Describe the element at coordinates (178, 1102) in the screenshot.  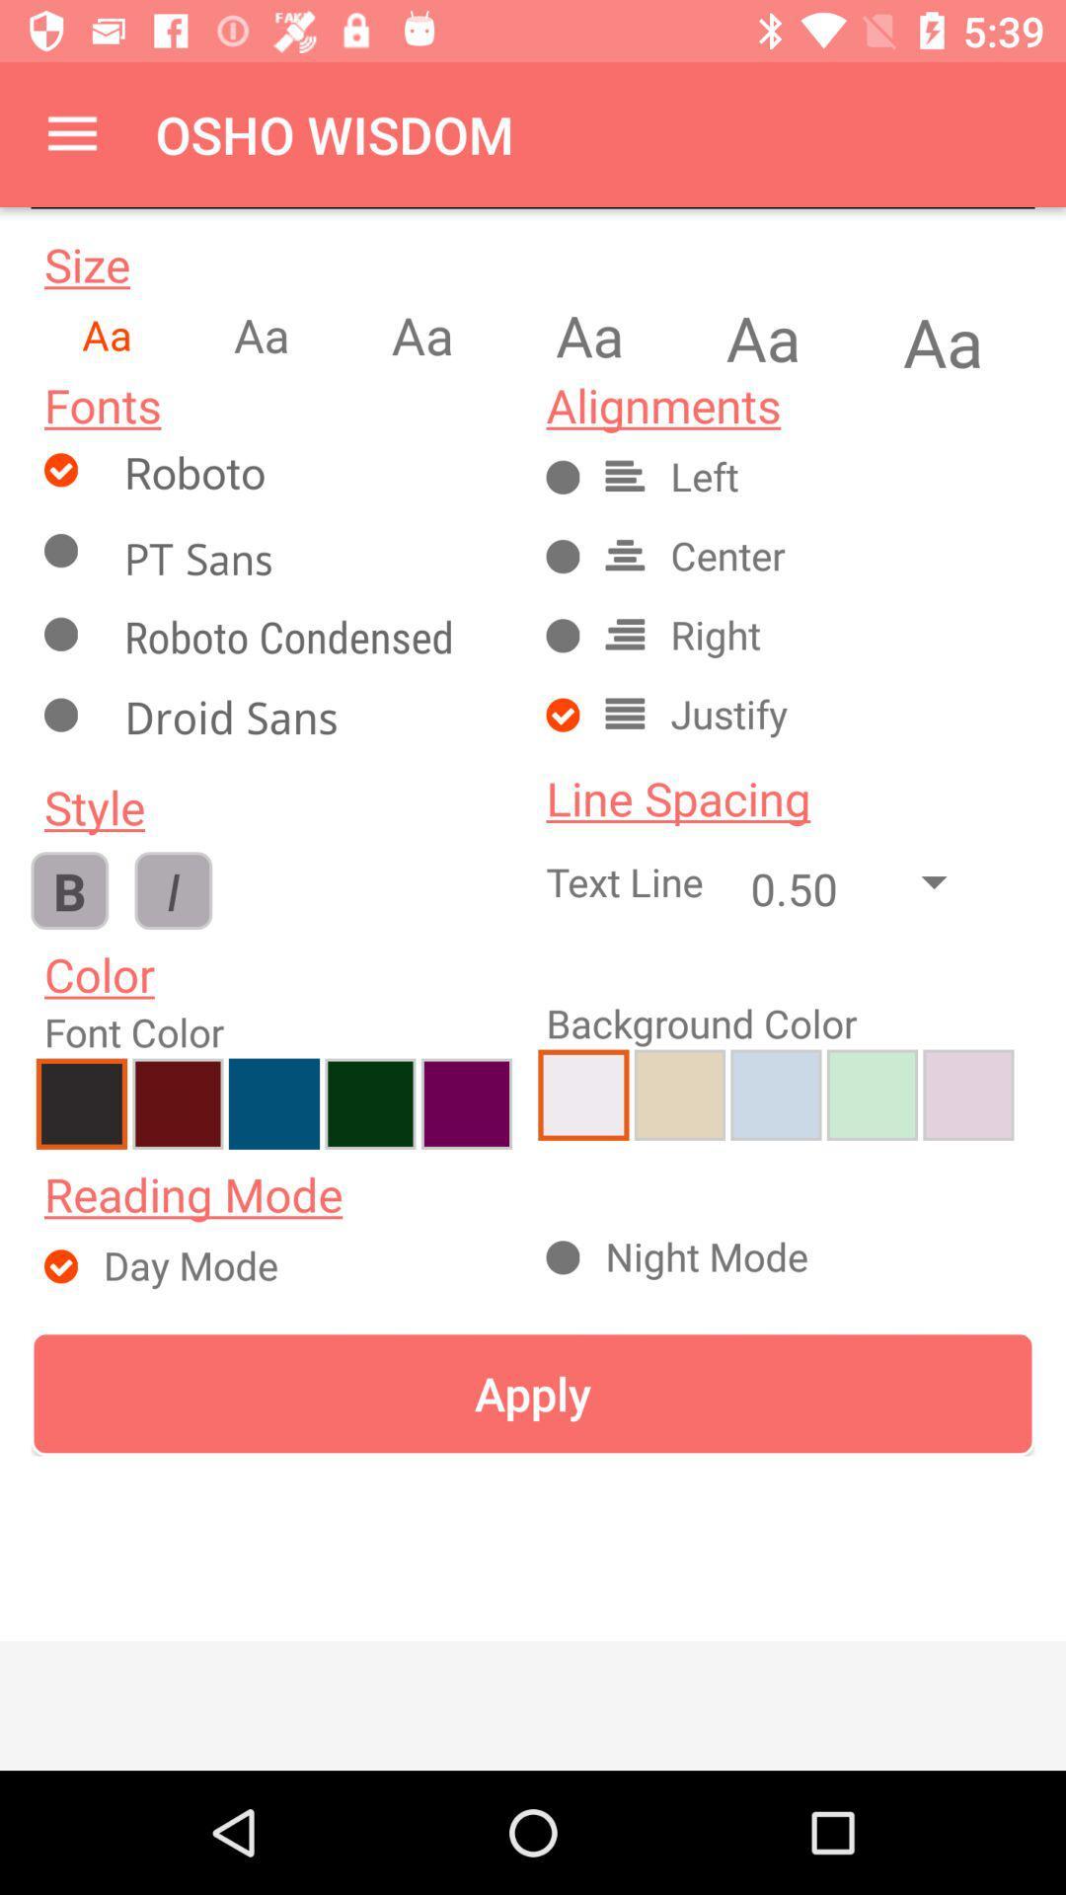
I see `color selection` at that location.